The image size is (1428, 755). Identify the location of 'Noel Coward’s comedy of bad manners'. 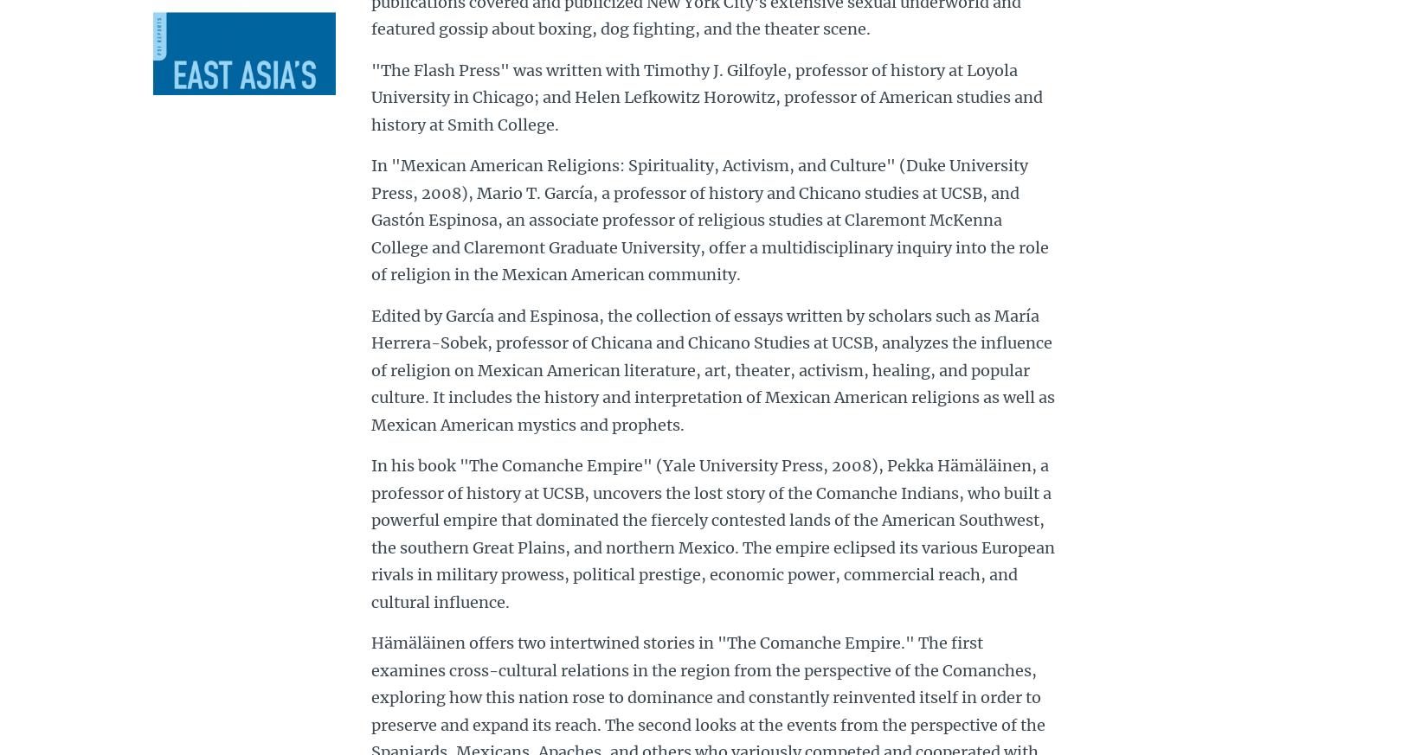
(249, 536).